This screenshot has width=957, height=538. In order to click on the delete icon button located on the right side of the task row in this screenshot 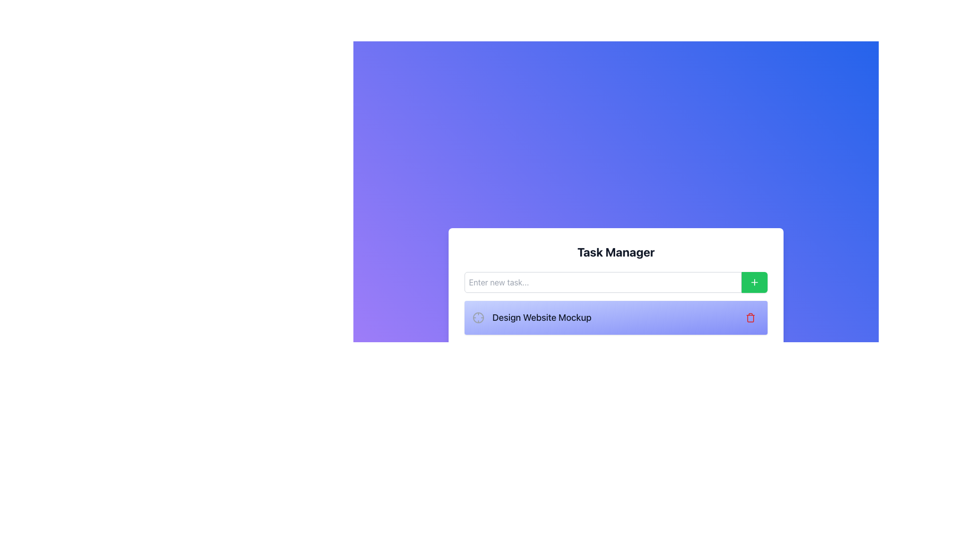, I will do `click(751, 317)`.